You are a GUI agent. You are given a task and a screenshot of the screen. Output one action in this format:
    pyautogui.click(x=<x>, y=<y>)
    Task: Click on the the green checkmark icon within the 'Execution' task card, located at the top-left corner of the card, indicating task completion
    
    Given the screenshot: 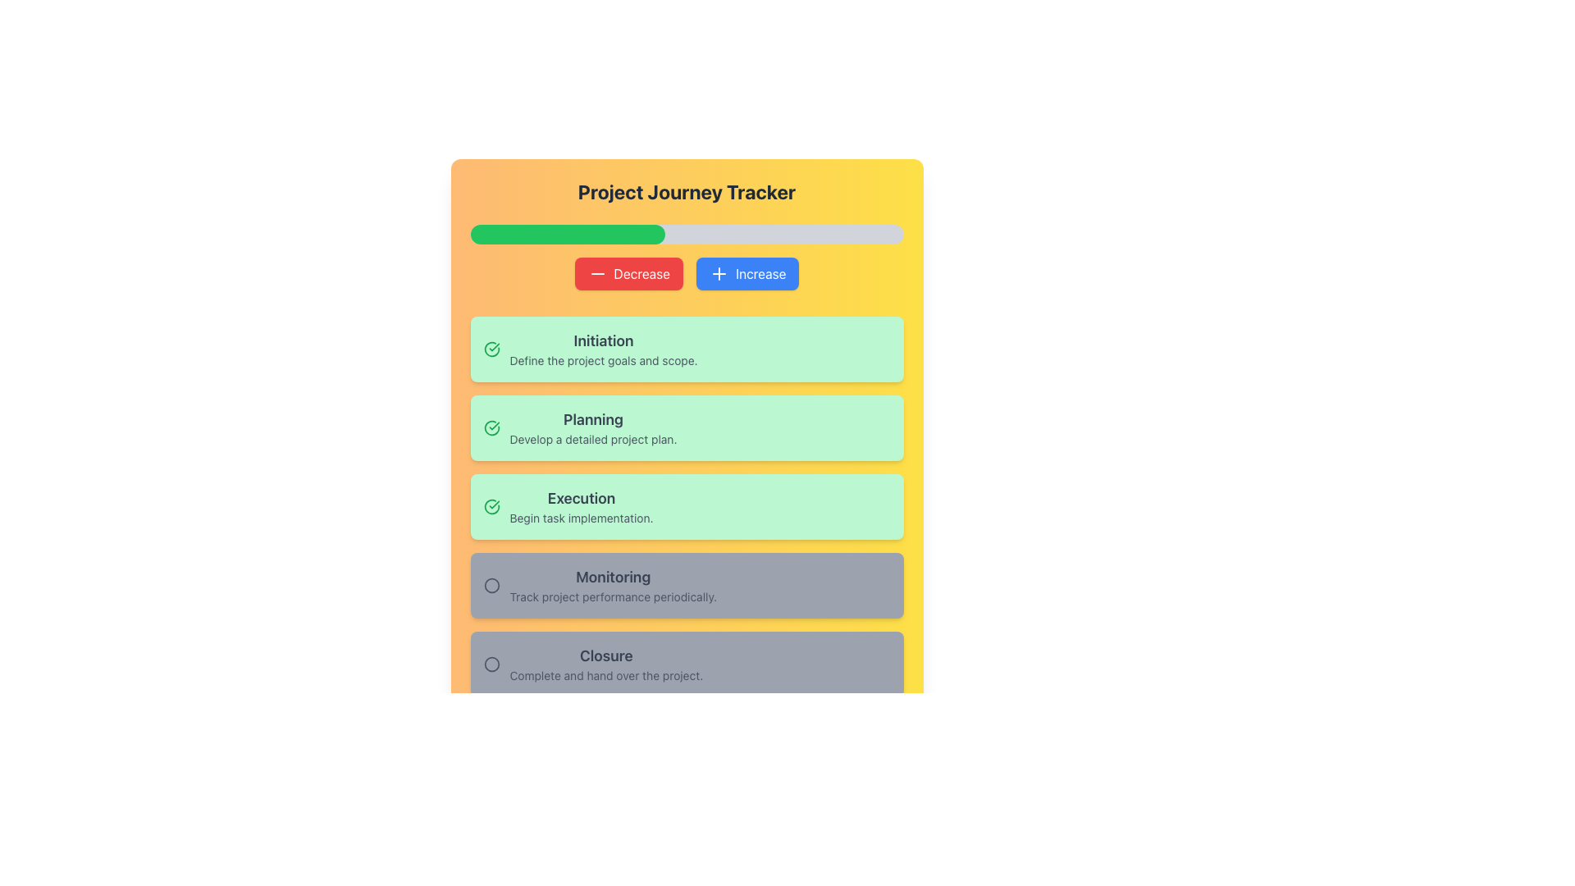 What is the action you would take?
    pyautogui.click(x=491, y=505)
    